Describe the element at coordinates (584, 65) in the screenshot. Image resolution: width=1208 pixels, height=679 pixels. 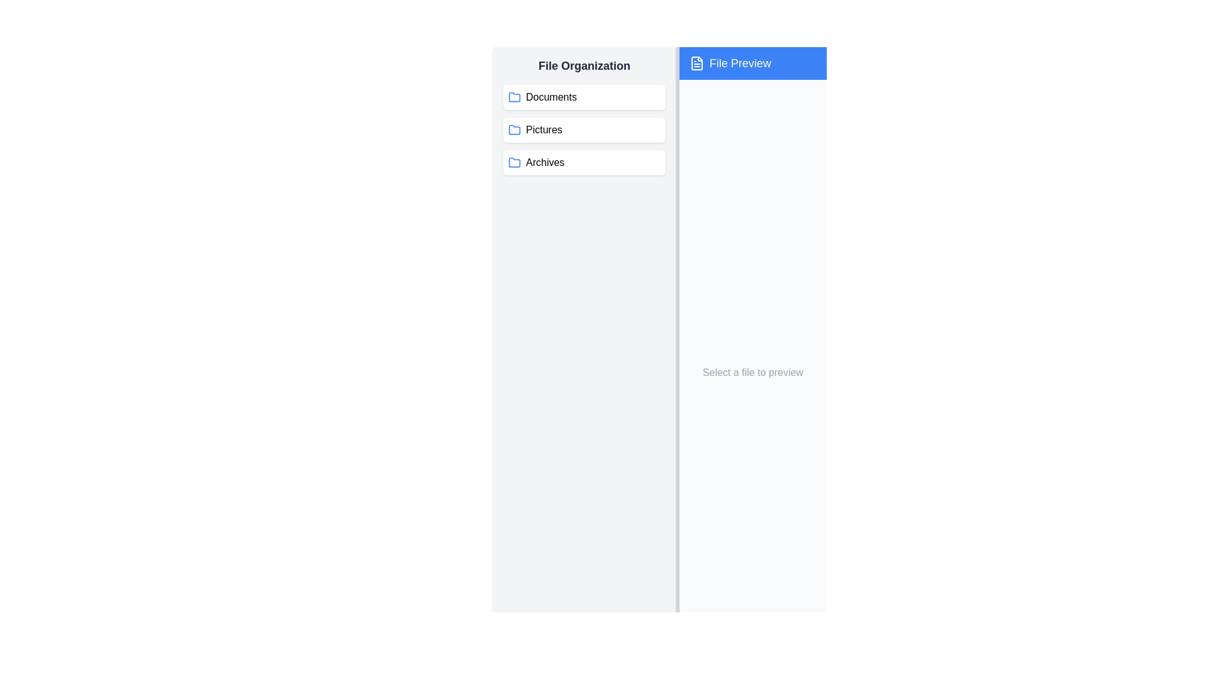
I see `text from the title label at the top center of the left sidebar, which indicates its content relates to file organization` at that location.